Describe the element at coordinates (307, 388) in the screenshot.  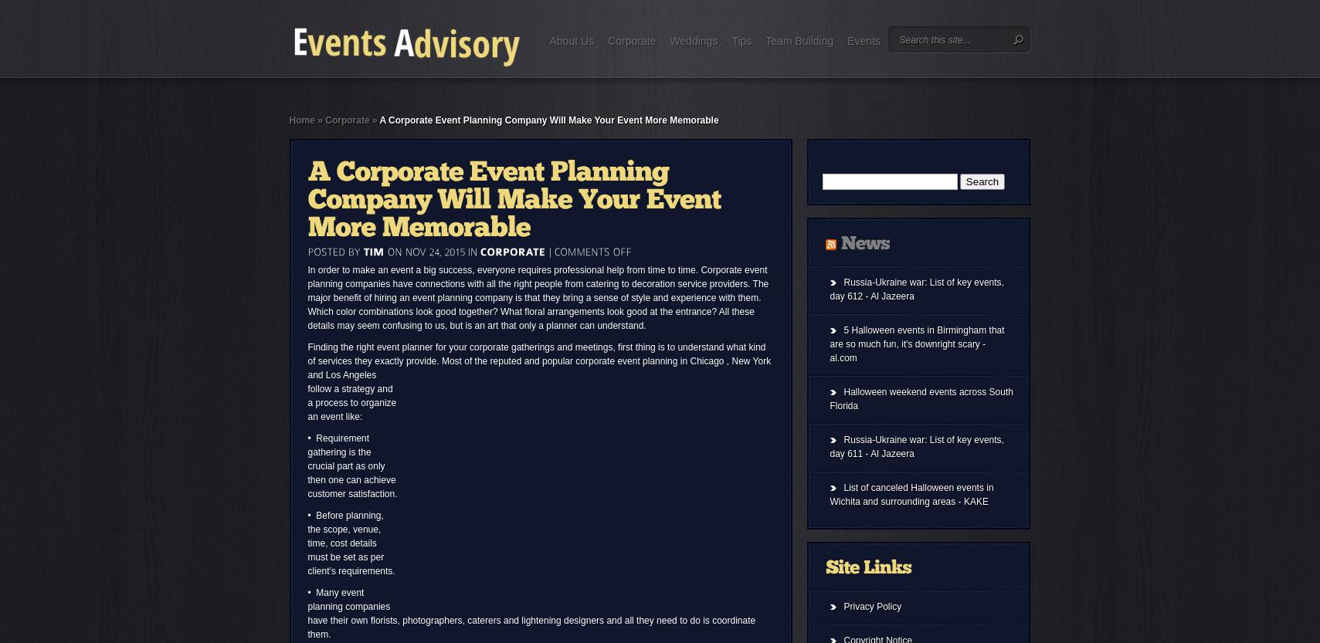
I see `', New York and Los Angeles follow a strategy and a process to organize an event like:'` at that location.